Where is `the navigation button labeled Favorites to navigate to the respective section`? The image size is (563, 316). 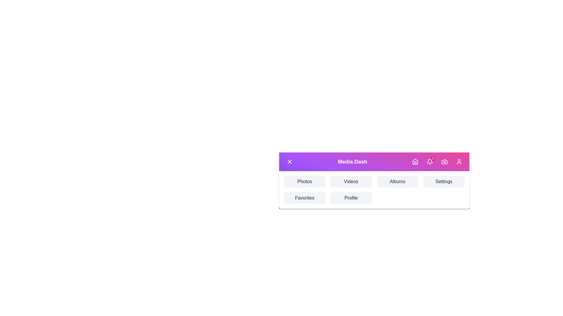
the navigation button labeled Favorites to navigate to the respective section is located at coordinates (305, 198).